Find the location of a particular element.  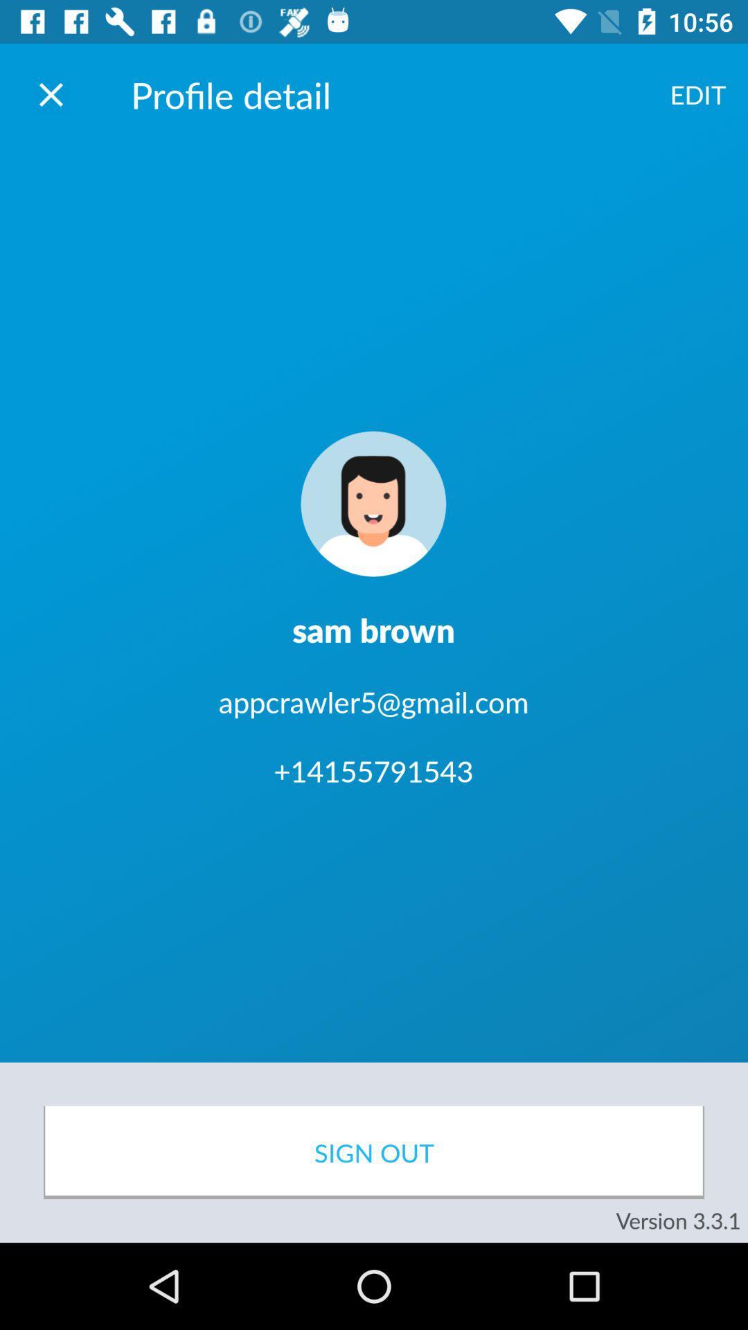

icon below +14155791543 item is located at coordinates (374, 1152).